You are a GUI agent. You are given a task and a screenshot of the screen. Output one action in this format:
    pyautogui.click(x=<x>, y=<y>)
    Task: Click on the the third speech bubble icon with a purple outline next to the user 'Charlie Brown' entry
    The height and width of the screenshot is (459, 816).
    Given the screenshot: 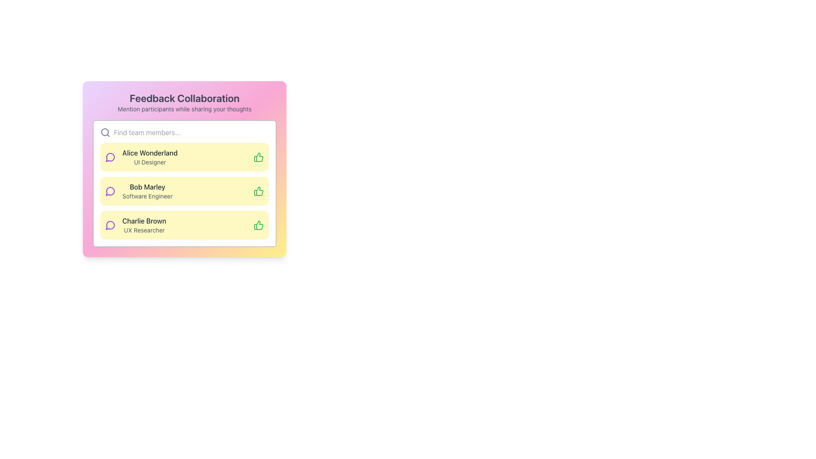 What is the action you would take?
    pyautogui.click(x=110, y=225)
    